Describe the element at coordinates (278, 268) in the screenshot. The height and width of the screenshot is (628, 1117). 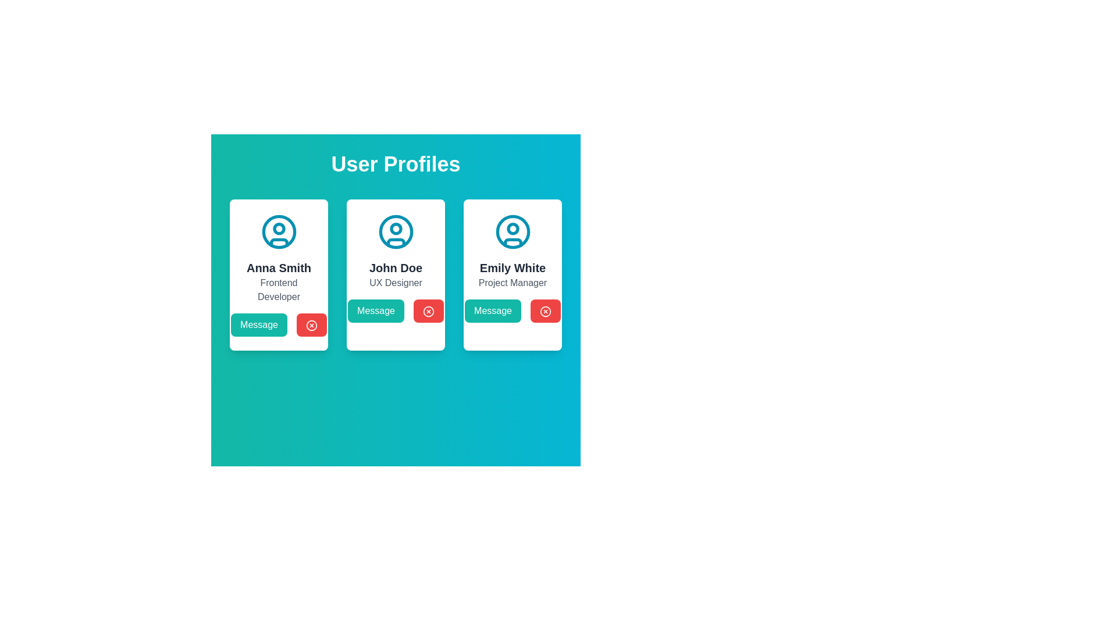
I see `the text label displaying 'Anna Smith', which is bold, centered, and located above the 'Frontend Developer' text in the leftmost profile card` at that location.